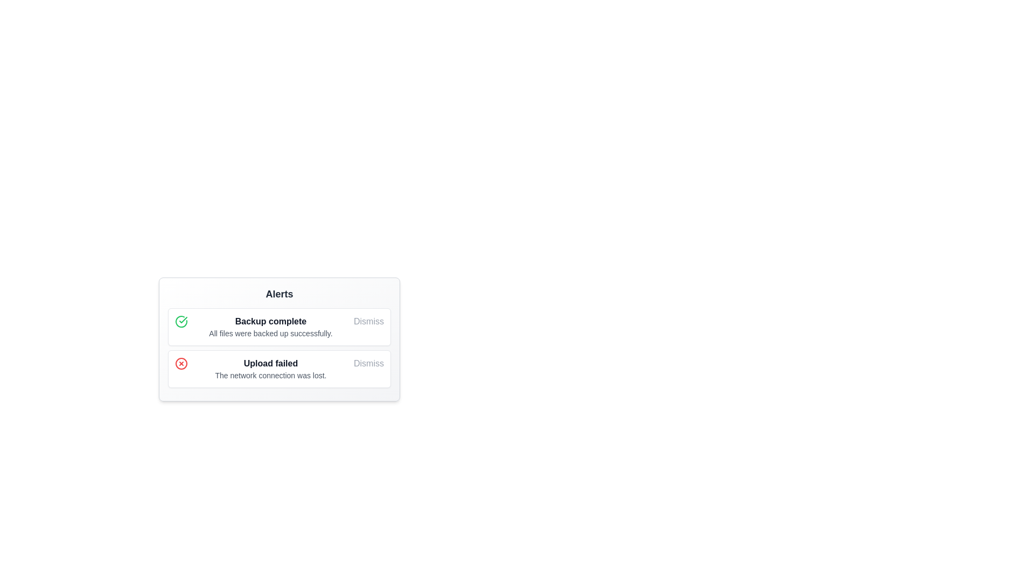 The image size is (1034, 582). Describe the element at coordinates (184, 321) in the screenshot. I see `the success icon that indicates the backup process was successful, located at the top-left corner of the 'Backup complete' notification block` at that location.